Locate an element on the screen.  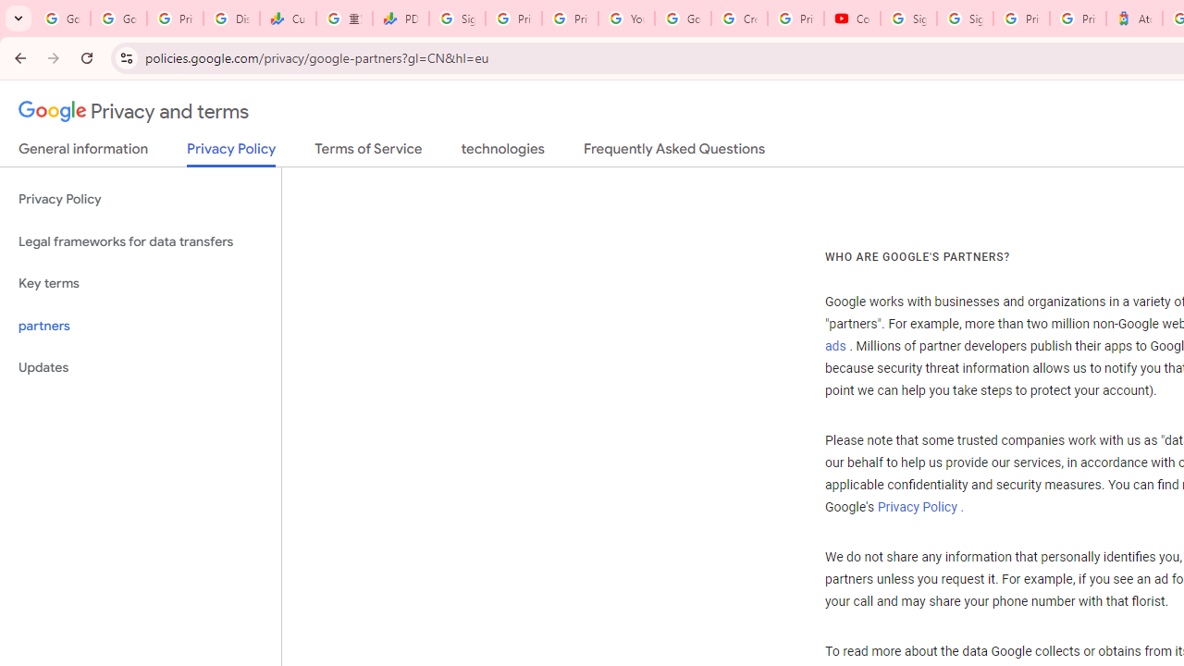
'Currencies - Google Finance' is located at coordinates (287, 18).